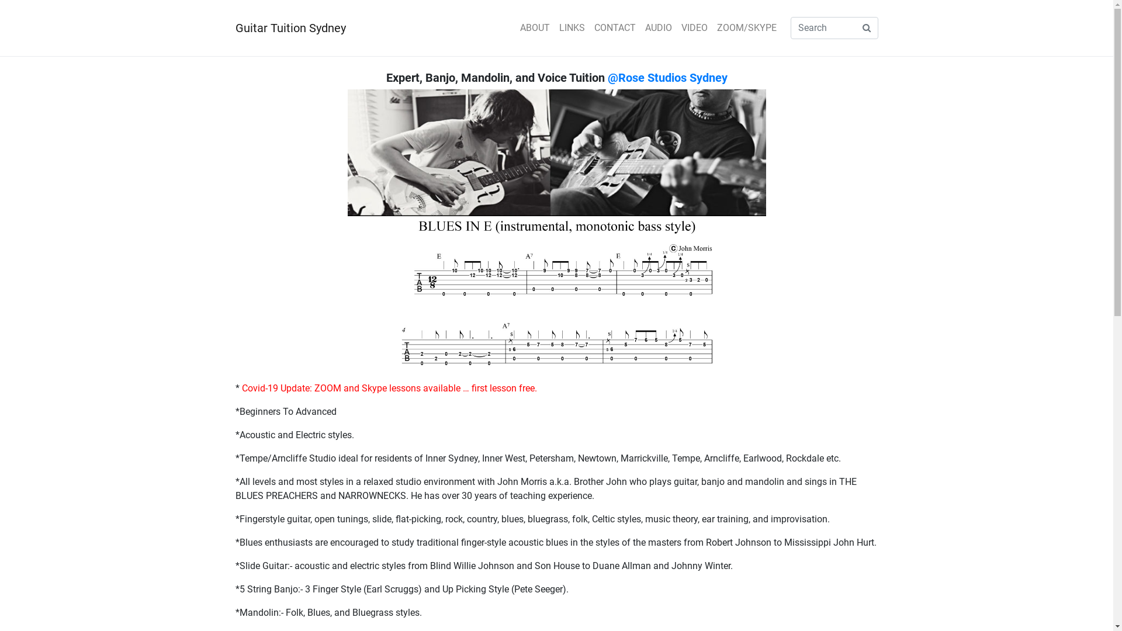  What do you see at coordinates (676, 27) in the screenshot?
I see `'VIDEO'` at bounding box center [676, 27].